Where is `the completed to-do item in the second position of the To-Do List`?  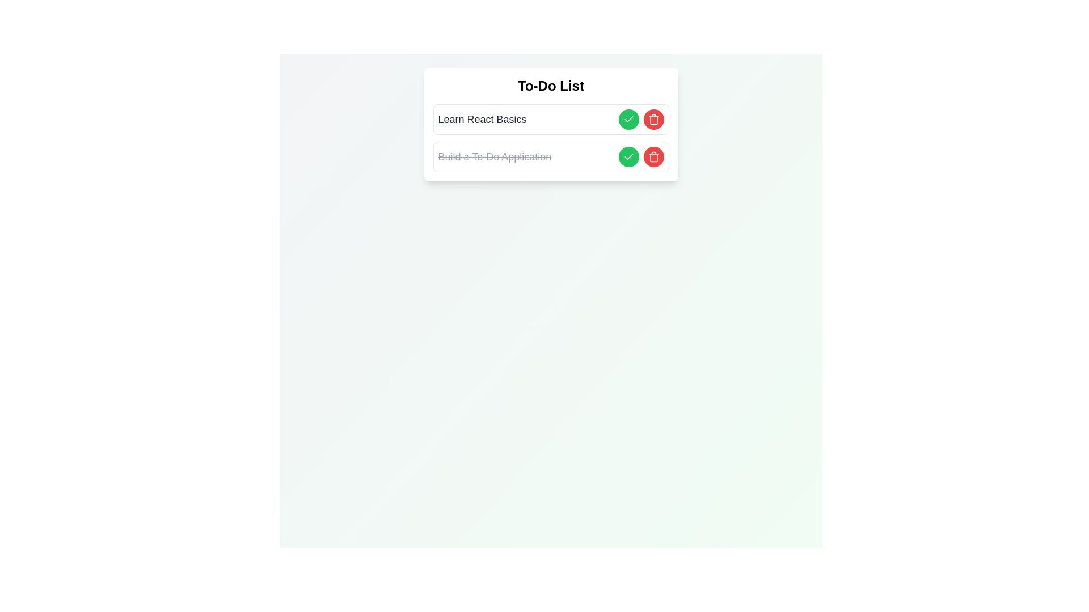 the completed to-do item in the second position of the To-Do List is located at coordinates (551, 157).